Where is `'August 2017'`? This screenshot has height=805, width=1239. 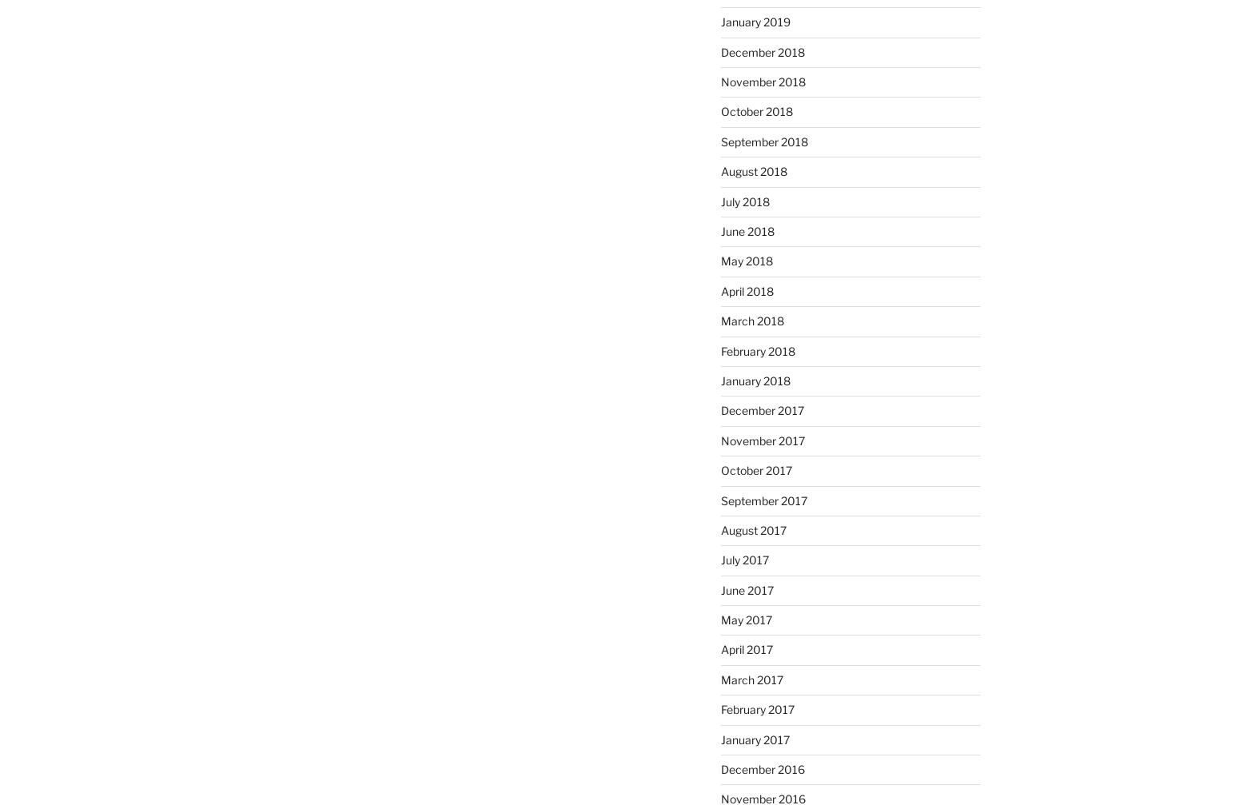 'August 2017' is located at coordinates (751, 528).